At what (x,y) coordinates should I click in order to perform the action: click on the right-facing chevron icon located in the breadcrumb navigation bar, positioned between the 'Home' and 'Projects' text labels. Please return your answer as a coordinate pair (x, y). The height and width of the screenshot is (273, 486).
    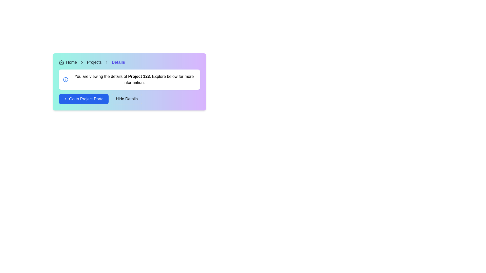
    Looking at the image, I should click on (82, 62).